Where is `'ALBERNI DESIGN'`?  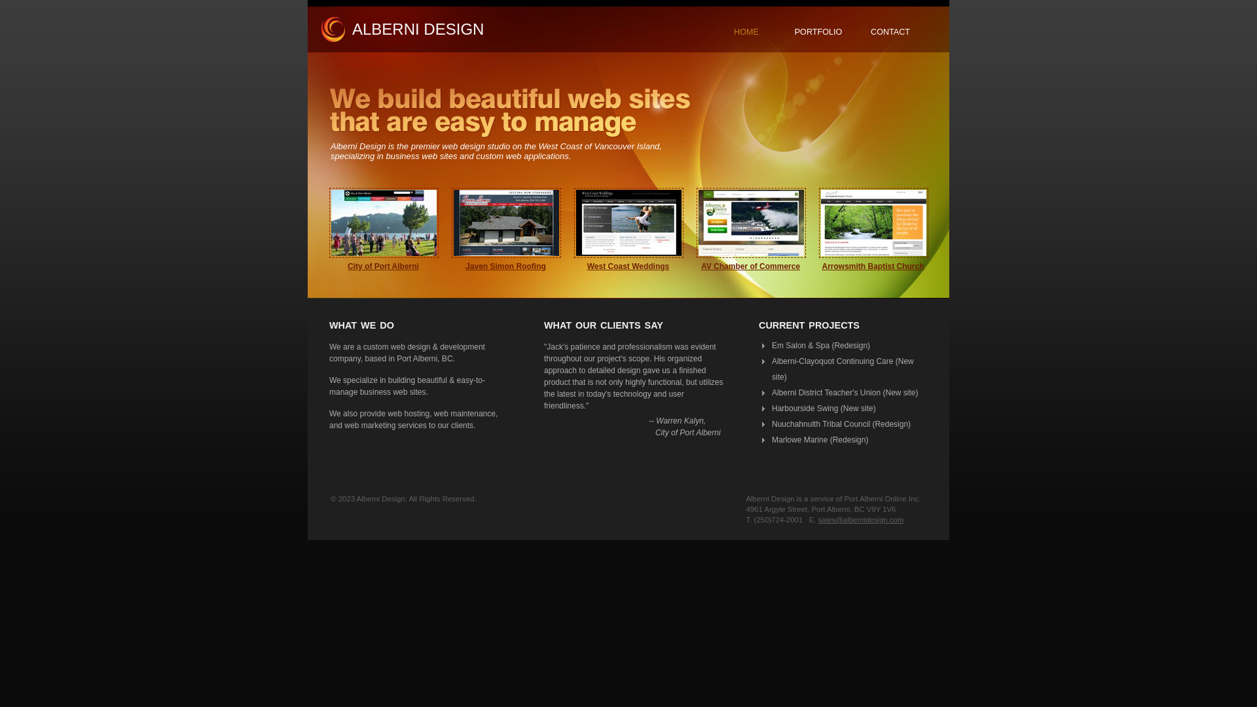 'ALBERNI DESIGN' is located at coordinates (417, 29).